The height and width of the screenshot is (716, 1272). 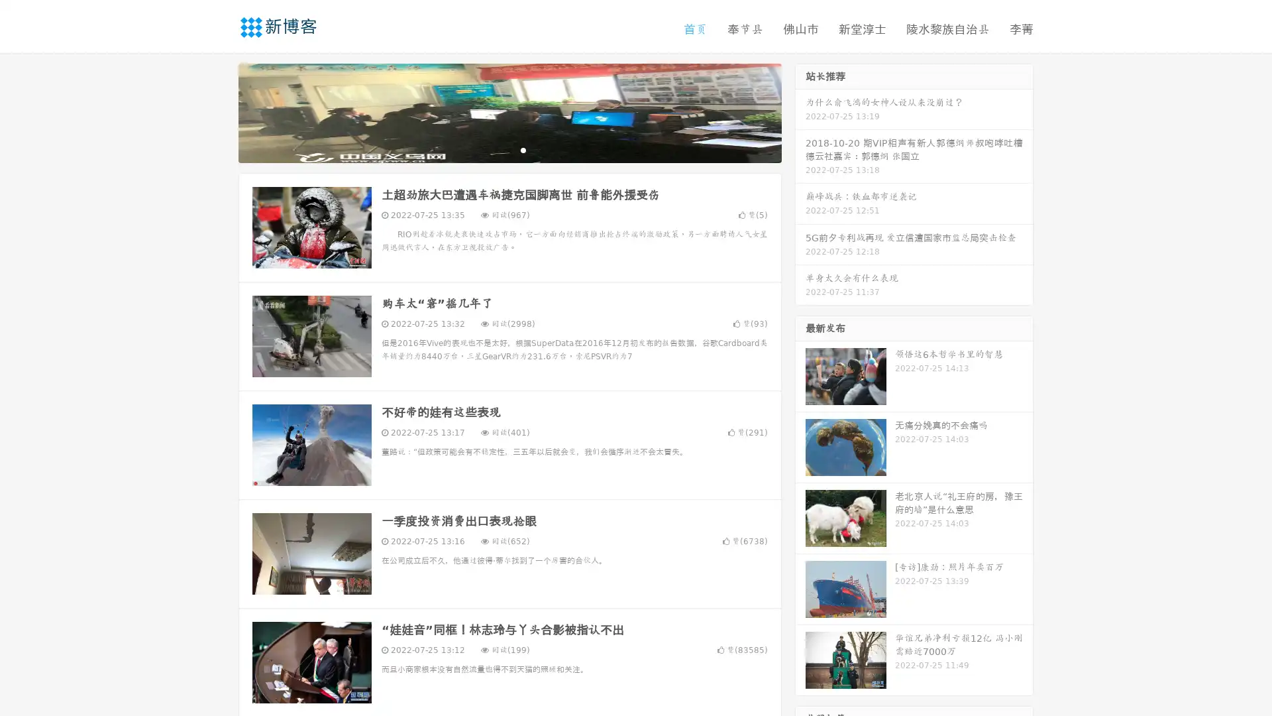 I want to click on Go to slide 2, so click(x=509, y=149).